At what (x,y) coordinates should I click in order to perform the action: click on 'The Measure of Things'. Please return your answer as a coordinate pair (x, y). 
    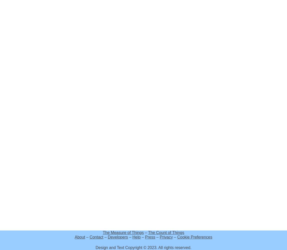
    Looking at the image, I should click on (123, 232).